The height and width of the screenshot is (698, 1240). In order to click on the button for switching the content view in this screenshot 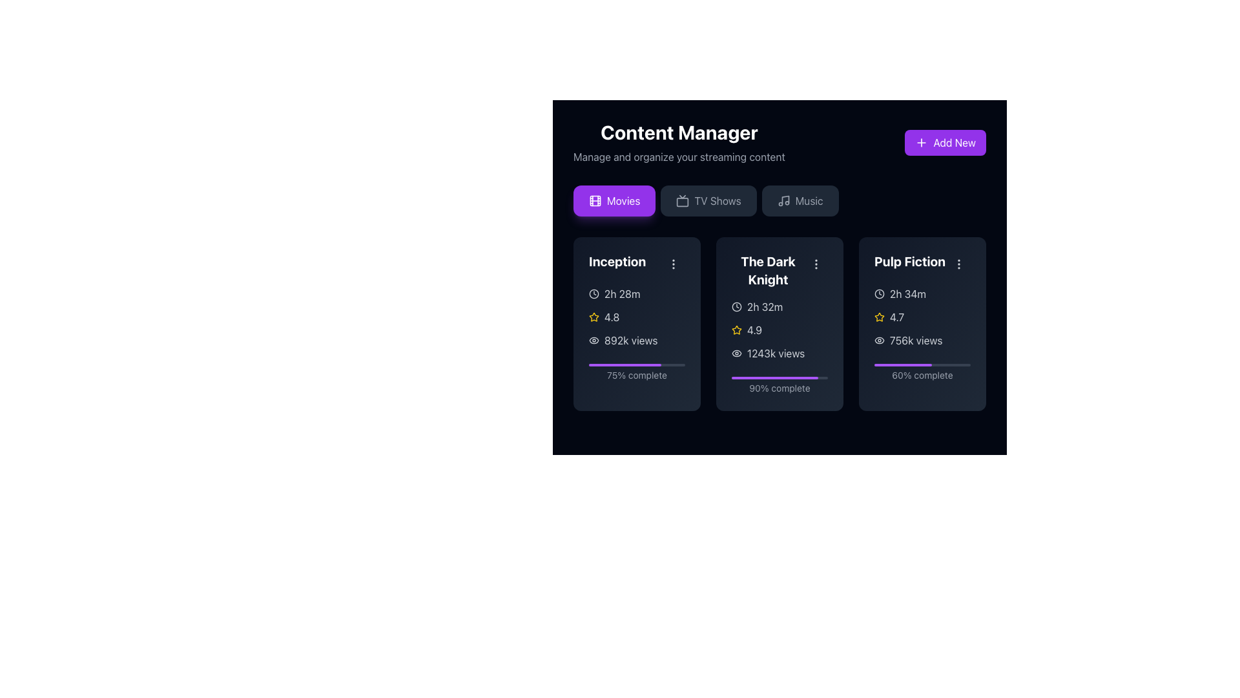, I will do `click(708, 201)`.